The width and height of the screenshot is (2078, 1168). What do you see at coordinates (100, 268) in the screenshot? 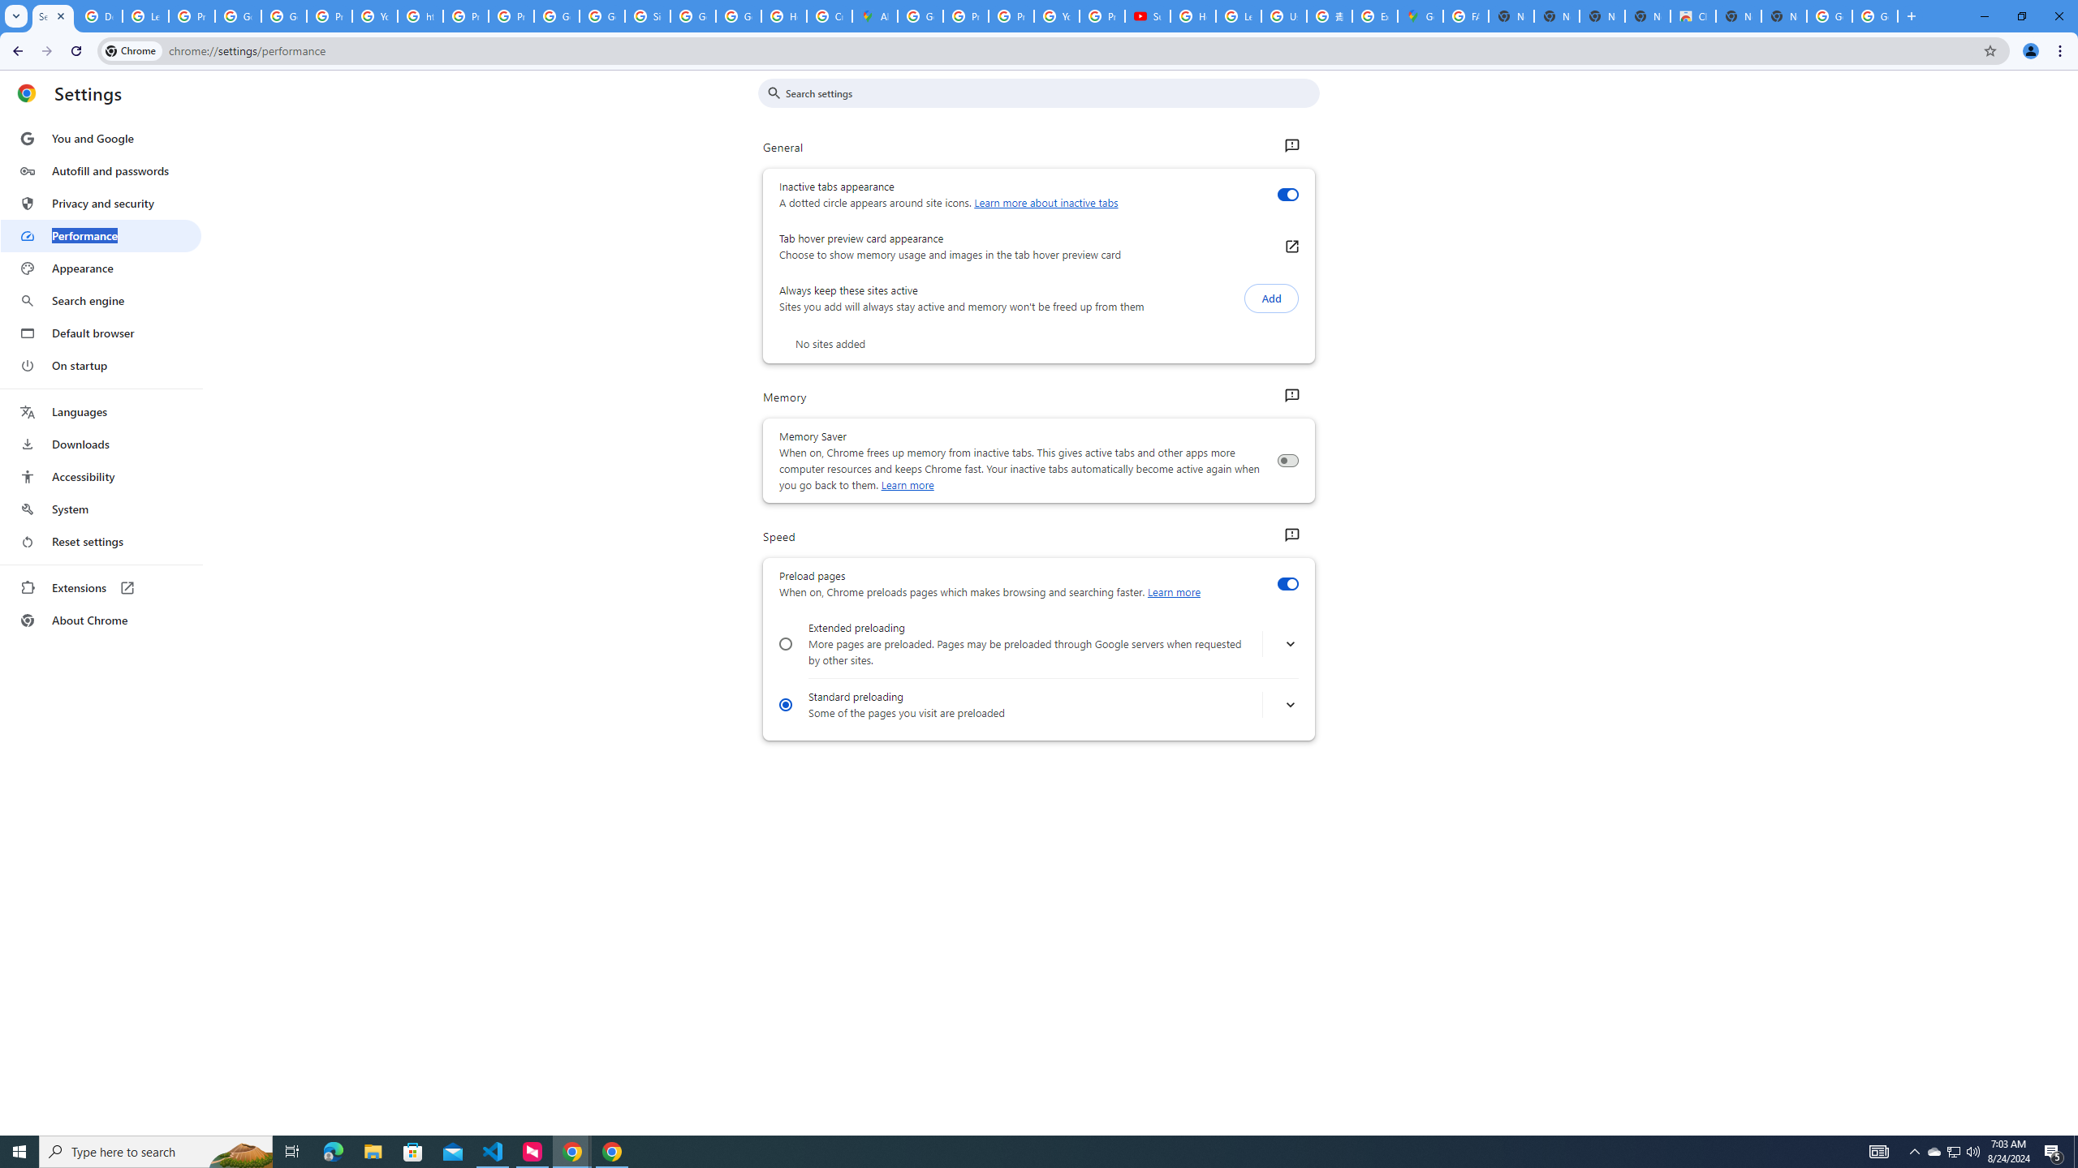
I see `'Appearance'` at bounding box center [100, 268].